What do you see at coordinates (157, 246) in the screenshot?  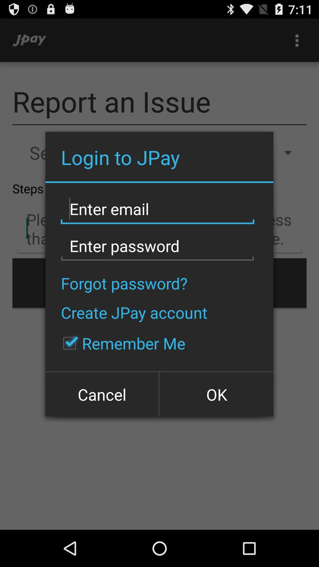 I see `go the enter password` at bounding box center [157, 246].